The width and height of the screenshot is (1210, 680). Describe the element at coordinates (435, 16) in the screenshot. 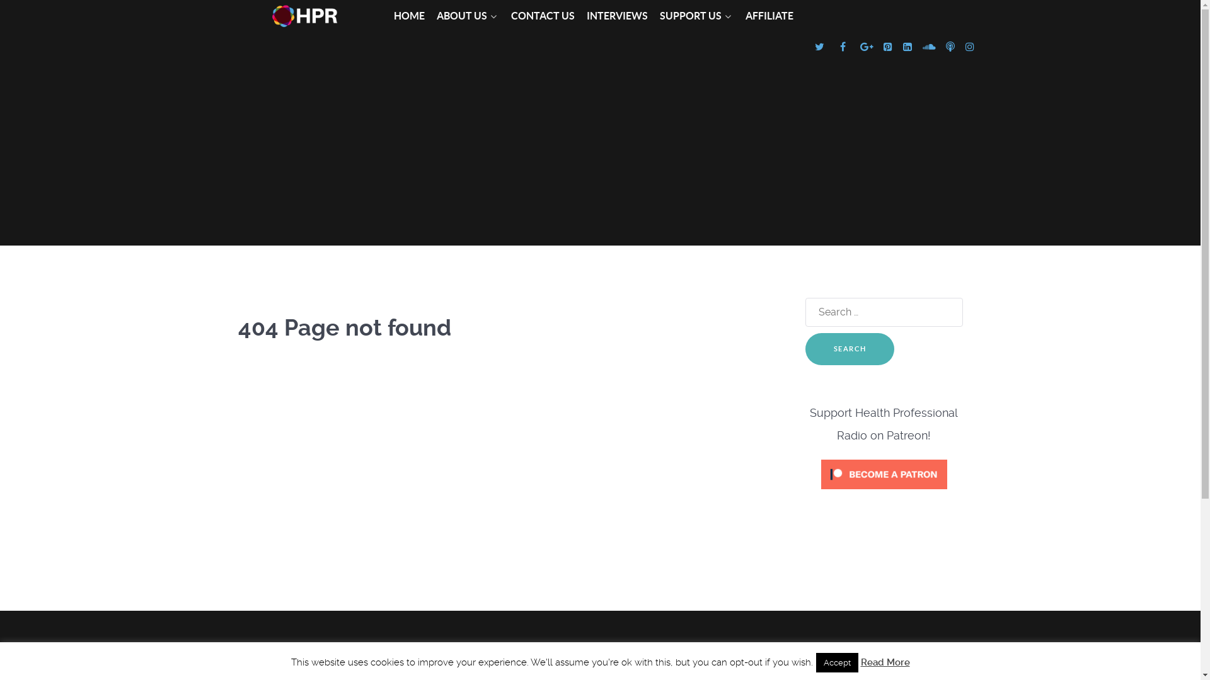

I see `'ABOUT US'` at that location.